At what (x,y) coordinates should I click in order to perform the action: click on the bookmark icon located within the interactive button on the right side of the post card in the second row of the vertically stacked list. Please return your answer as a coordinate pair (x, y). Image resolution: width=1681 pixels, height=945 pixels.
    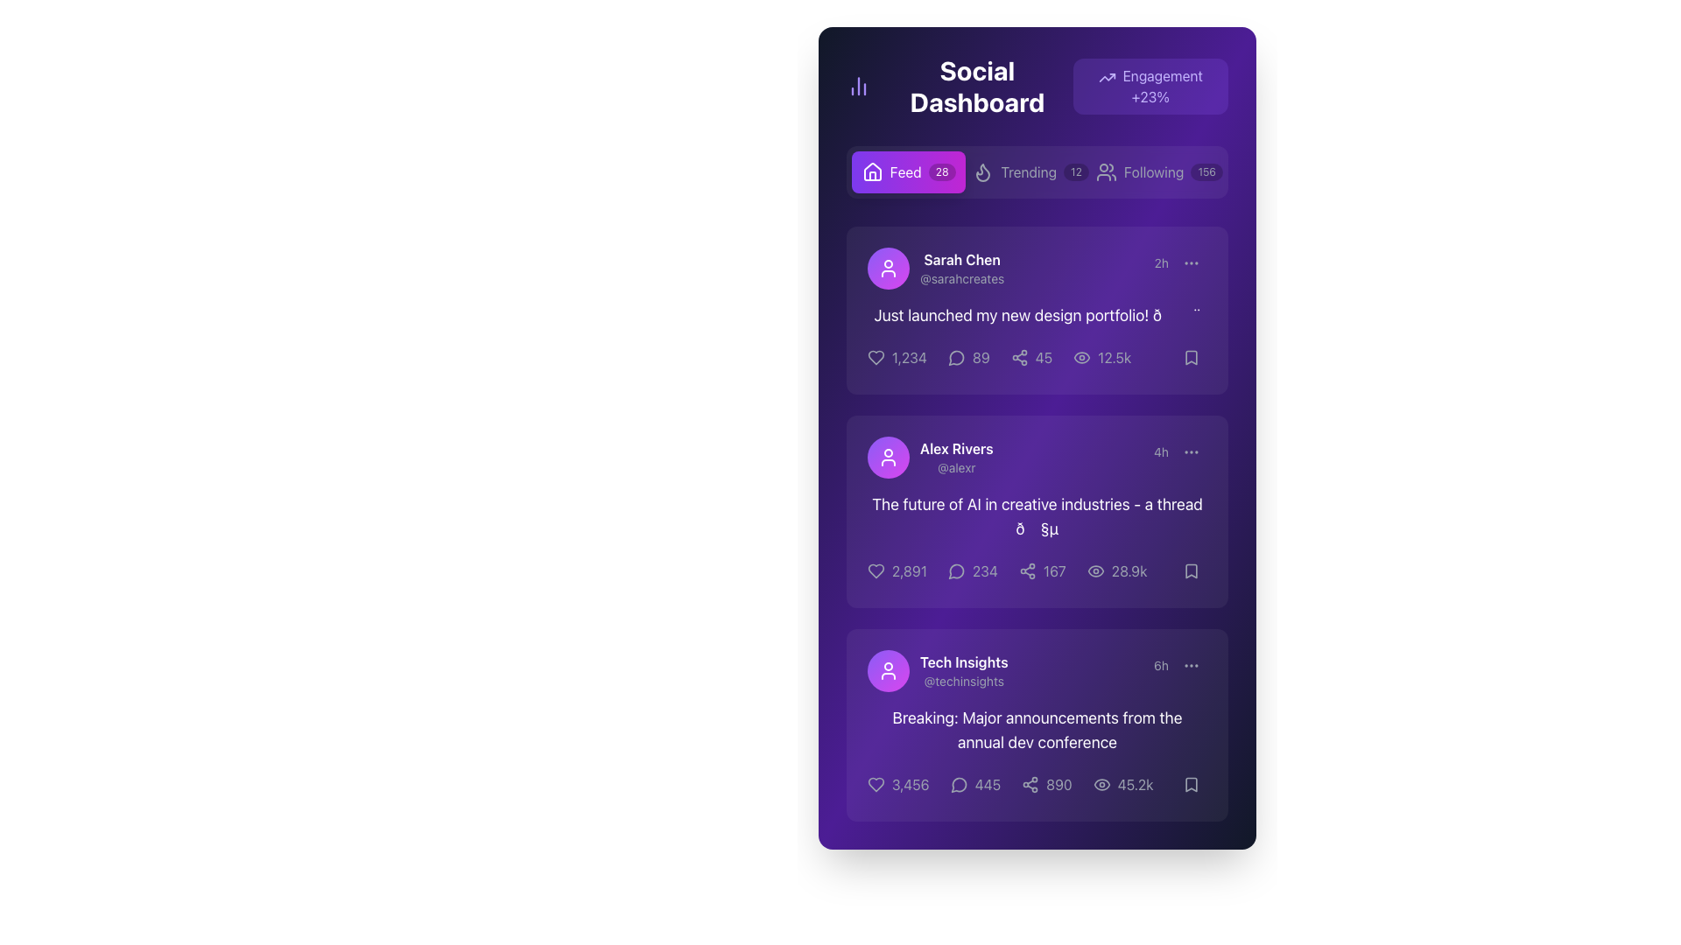
    Looking at the image, I should click on (1191, 570).